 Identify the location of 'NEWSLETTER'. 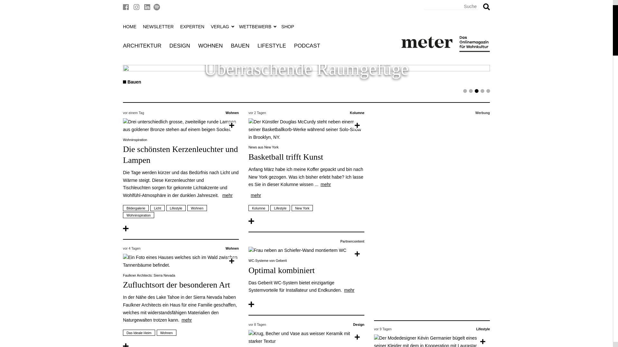
(159, 26).